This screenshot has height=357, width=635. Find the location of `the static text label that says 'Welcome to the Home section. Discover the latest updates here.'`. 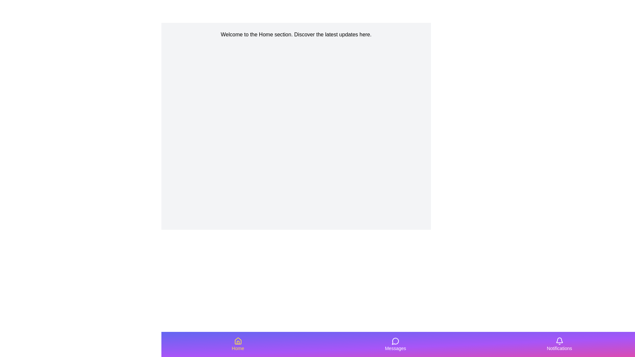

the static text label that says 'Welcome to the Home section. Discover the latest updates here.' is located at coordinates (296, 34).